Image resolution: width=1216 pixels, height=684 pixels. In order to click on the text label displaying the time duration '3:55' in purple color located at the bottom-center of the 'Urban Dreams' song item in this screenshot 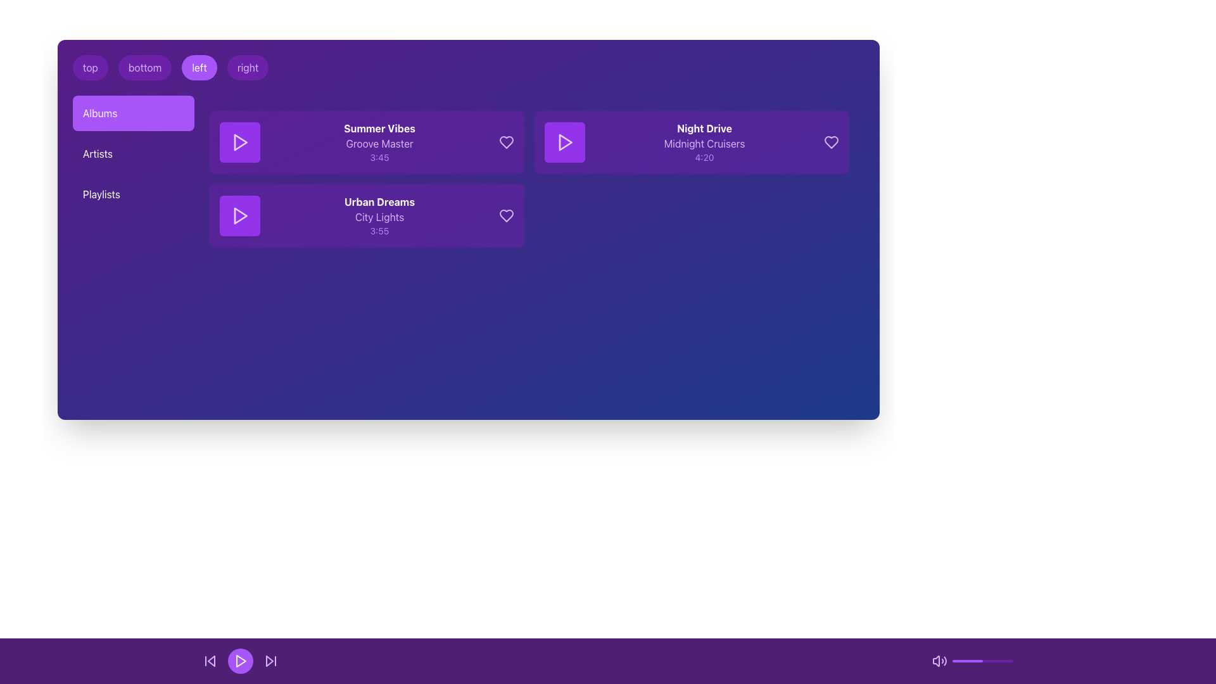, I will do `click(379, 231)`.